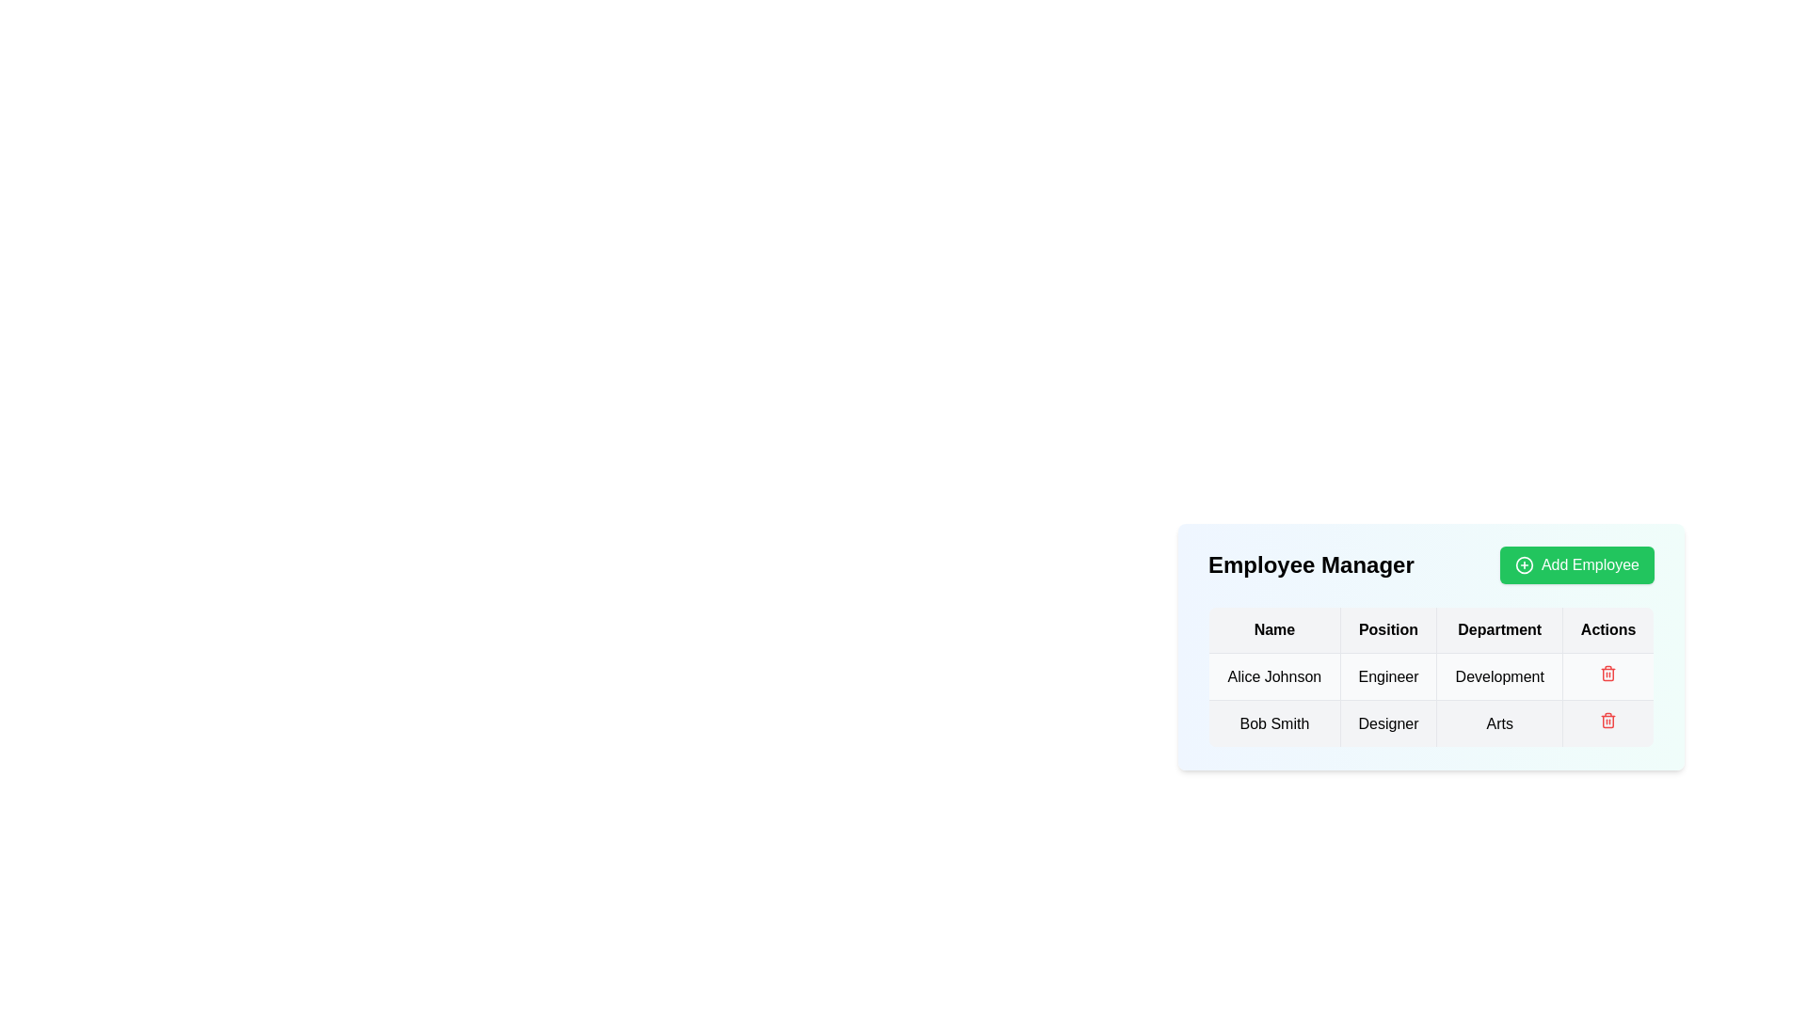 Image resolution: width=1807 pixels, height=1016 pixels. I want to click on trash can delete button element located at the center of the icon using developer tools, so click(1607, 721).